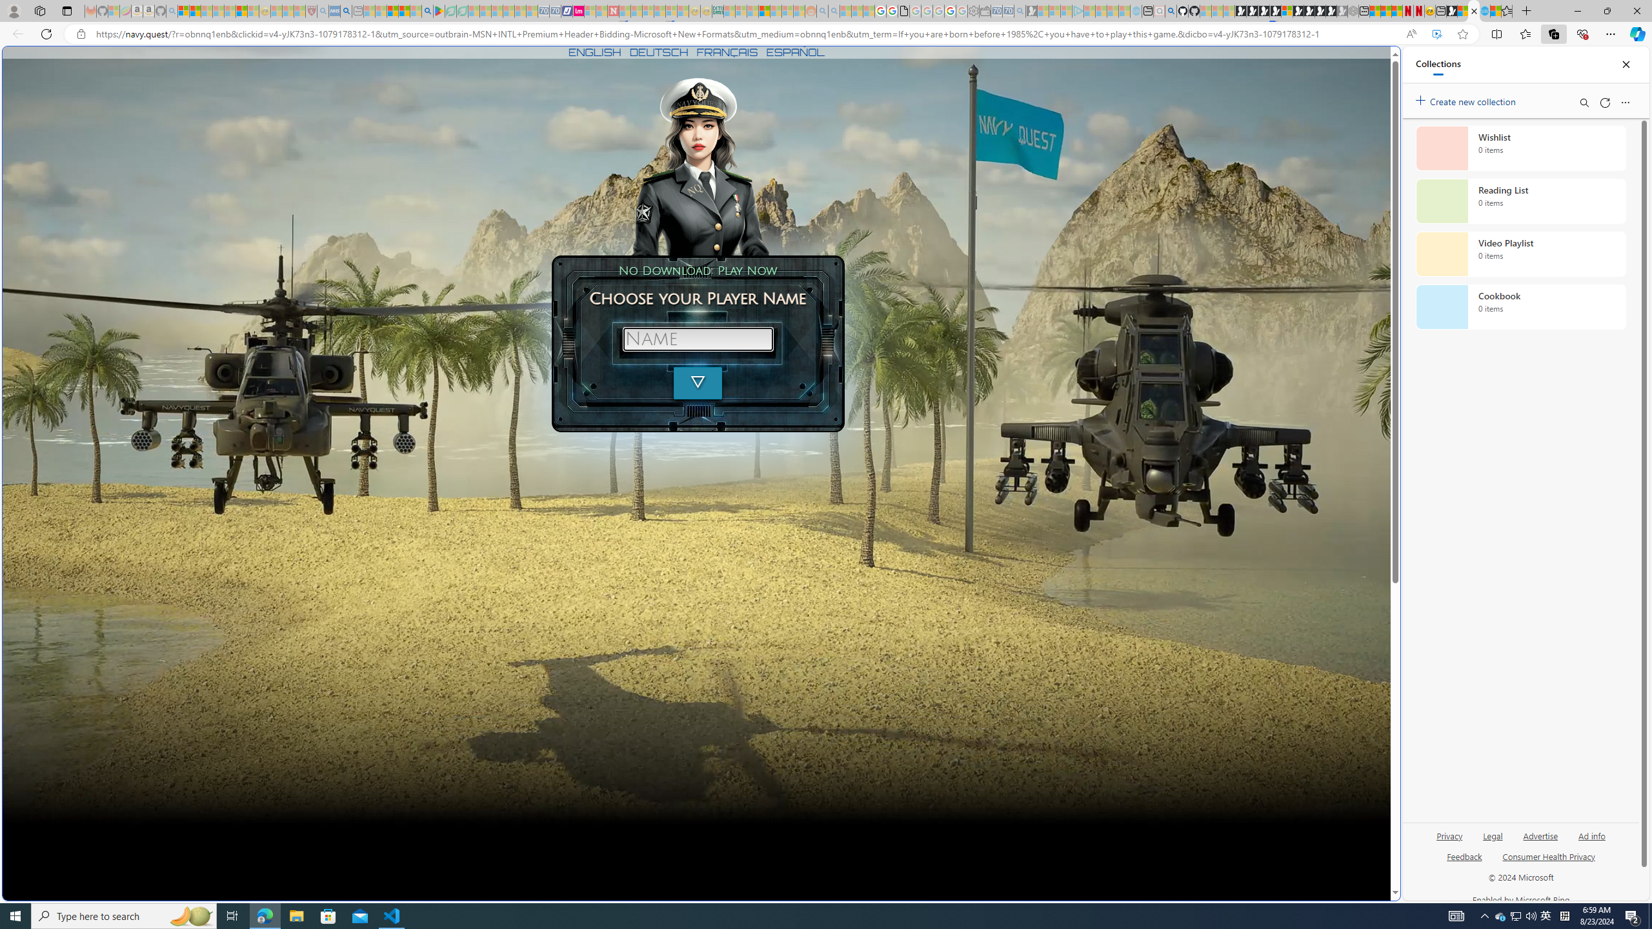 Image resolution: width=1652 pixels, height=929 pixels. I want to click on 'Bluey: Let', so click(439, 10).